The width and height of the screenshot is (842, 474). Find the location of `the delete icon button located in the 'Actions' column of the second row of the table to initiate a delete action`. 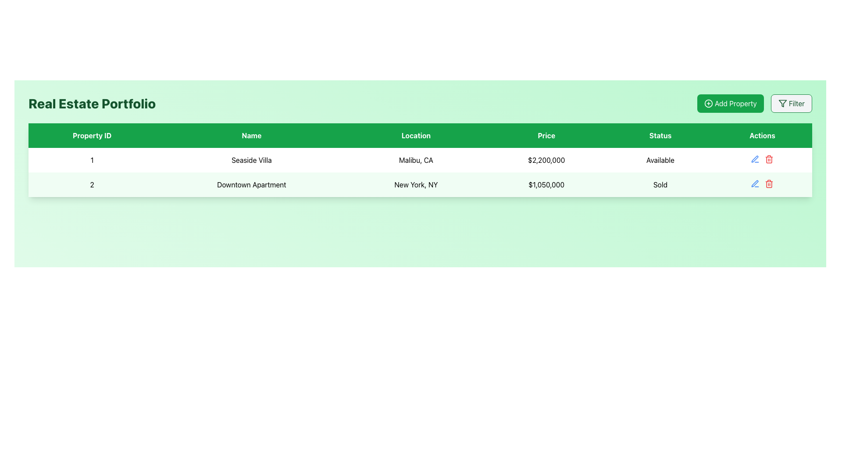

the delete icon button located in the 'Actions' column of the second row of the table to initiate a delete action is located at coordinates (769, 183).